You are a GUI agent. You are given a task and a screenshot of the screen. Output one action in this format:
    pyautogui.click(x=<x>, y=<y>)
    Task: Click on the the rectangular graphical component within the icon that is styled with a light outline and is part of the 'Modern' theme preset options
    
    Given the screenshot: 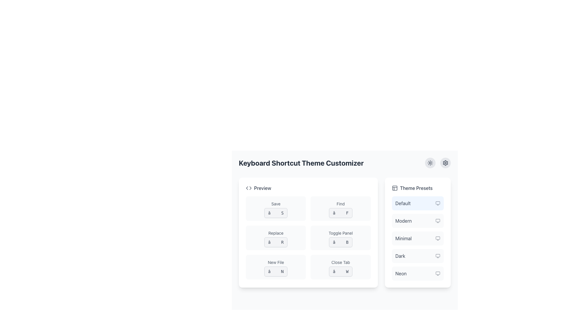 What is the action you would take?
    pyautogui.click(x=438, y=220)
    